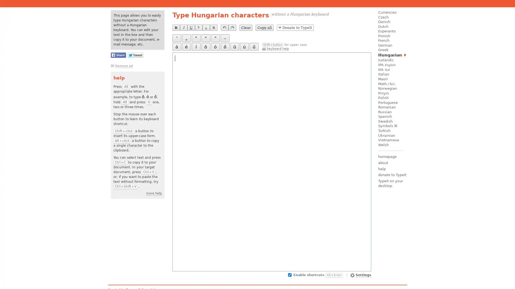  What do you see at coordinates (225, 46) in the screenshot?
I see `o` at bounding box center [225, 46].